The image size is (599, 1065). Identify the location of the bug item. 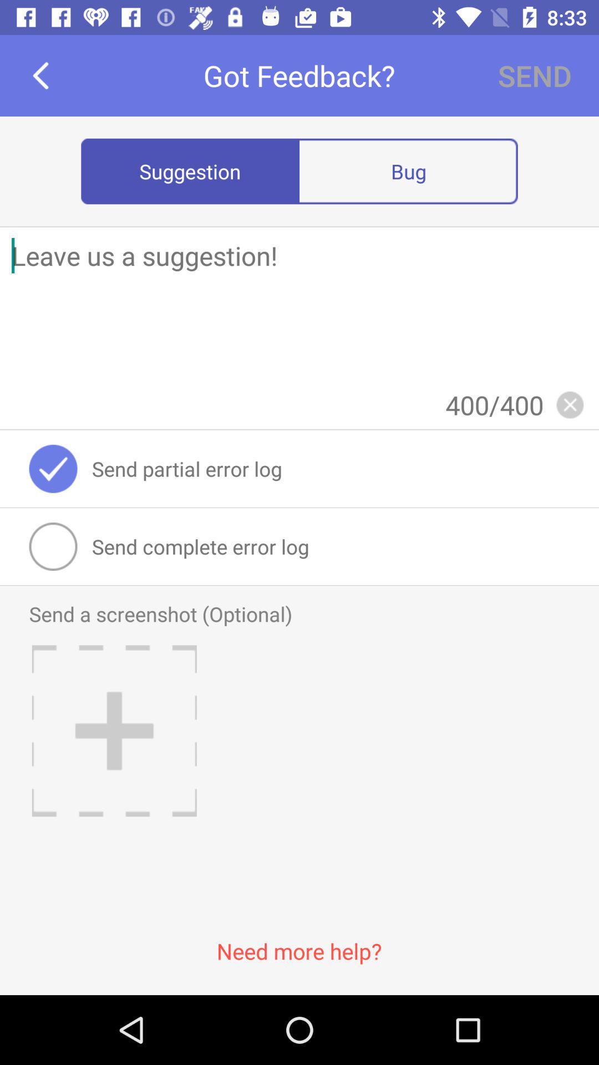
(408, 170).